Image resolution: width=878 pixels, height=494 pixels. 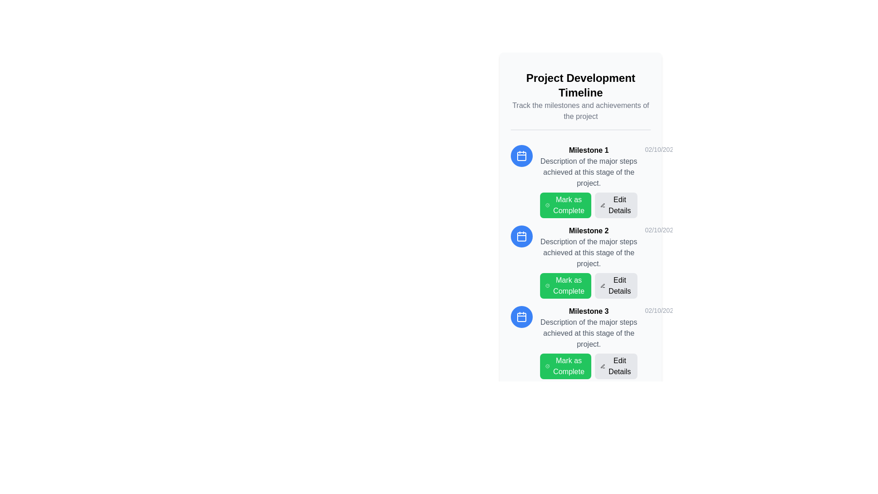 What do you see at coordinates (522, 156) in the screenshot?
I see `the Decorative SVG rectangle that visually represents the calendar icon, which is located at the center adjacent to 'Milestone 1' in the timeline` at bounding box center [522, 156].